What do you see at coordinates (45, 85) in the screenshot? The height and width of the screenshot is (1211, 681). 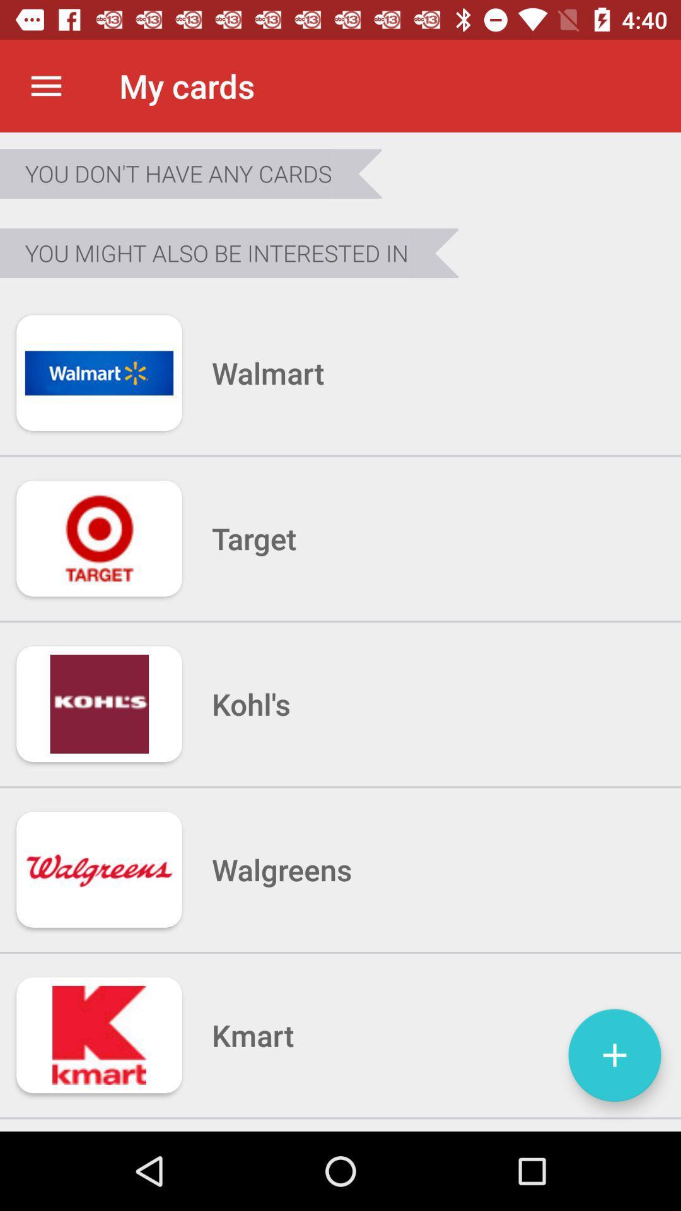 I see `item next to my cards` at bounding box center [45, 85].